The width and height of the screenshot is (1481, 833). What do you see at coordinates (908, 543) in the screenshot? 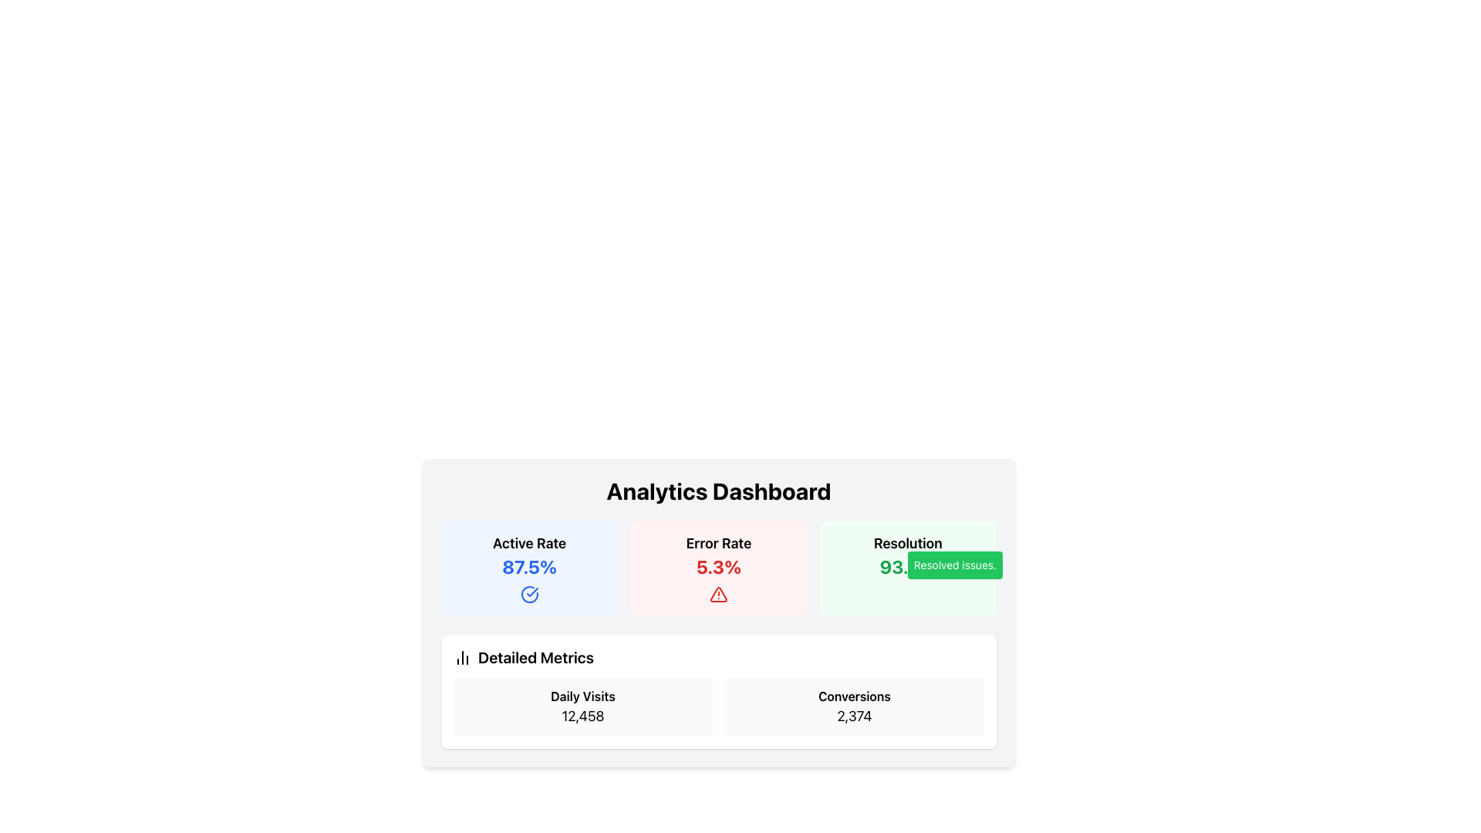
I see `the content of the Text Label that categorizes the resolution rate, located in the top section of the right green card` at bounding box center [908, 543].